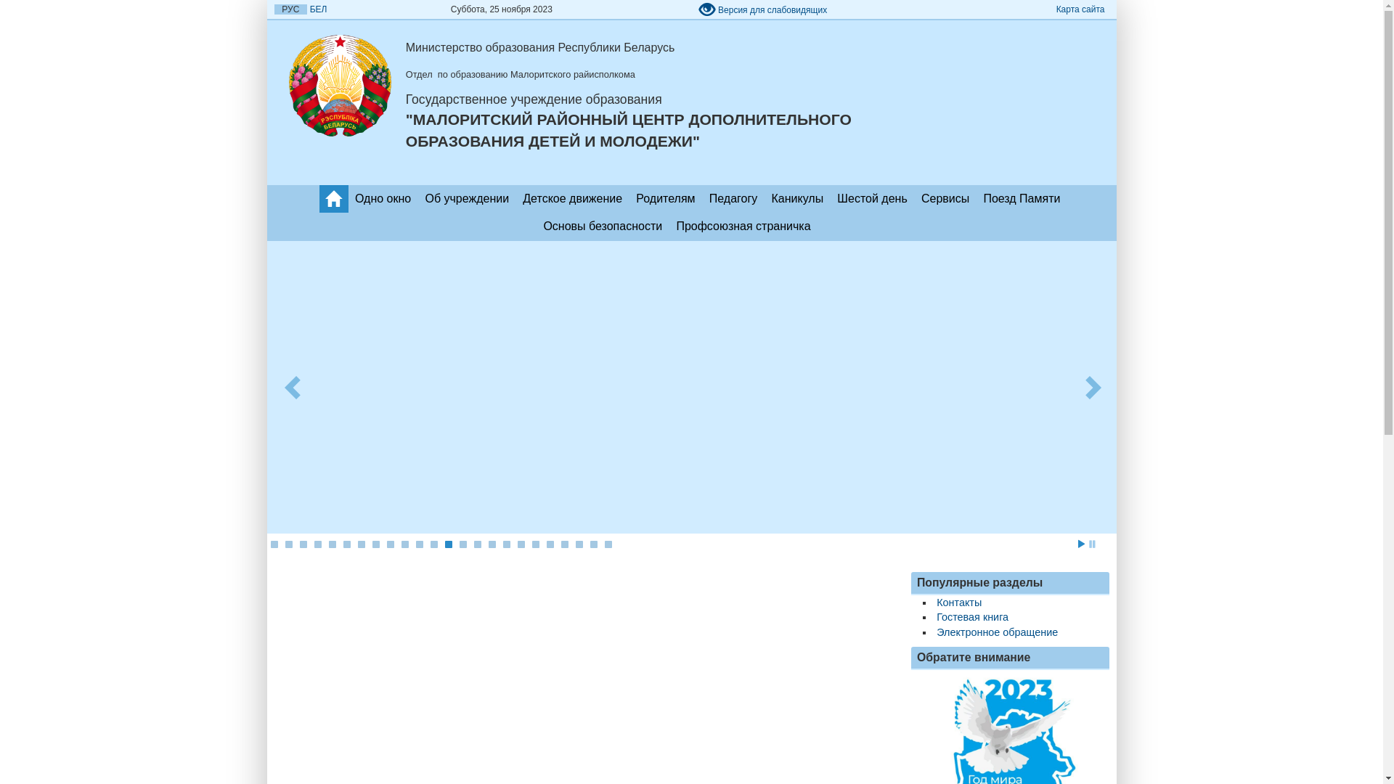 This screenshot has height=784, width=1394. I want to click on '15', so click(473, 544).